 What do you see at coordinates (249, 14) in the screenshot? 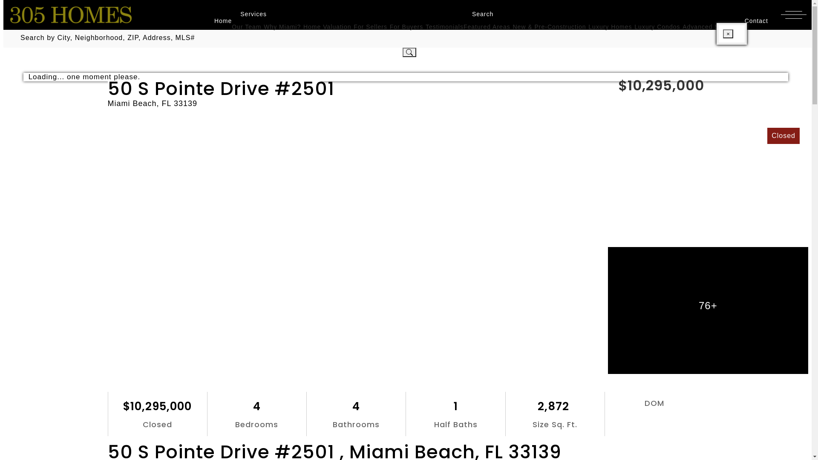
I see `'Services'` at bounding box center [249, 14].